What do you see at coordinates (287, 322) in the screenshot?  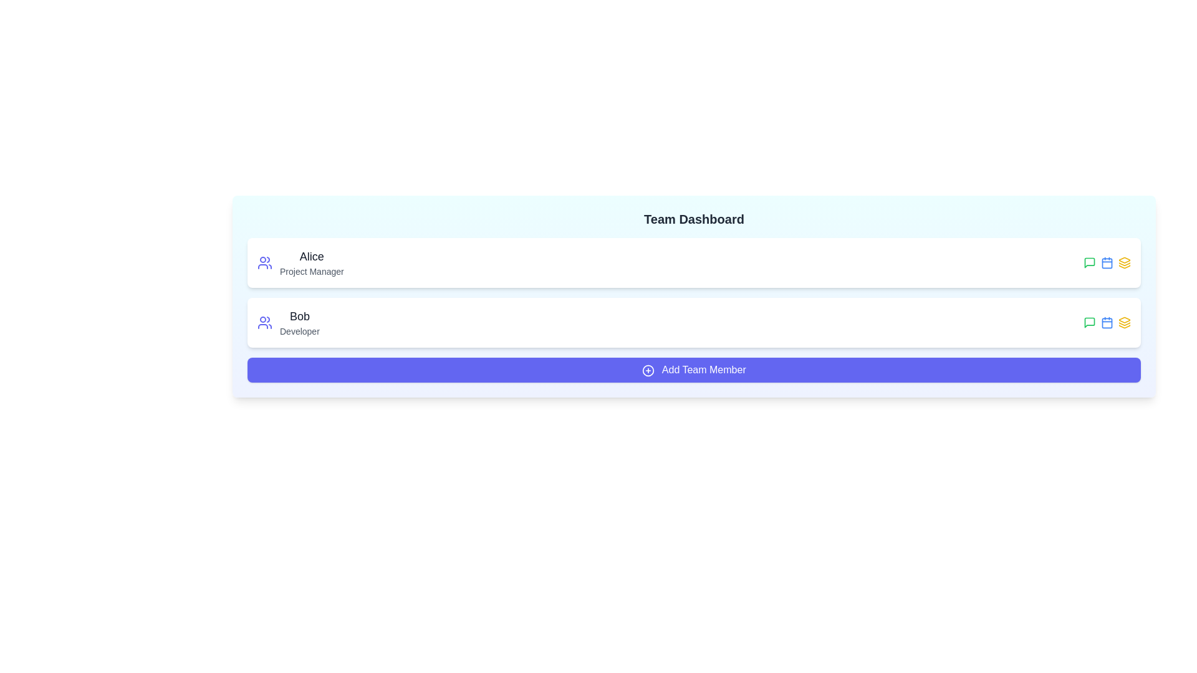 I see `the text within the user profile card for 'Bob', which displays their name and role as 'Developer' and is positioned below 'Alice, Project Manager'` at bounding box center [287, 322].